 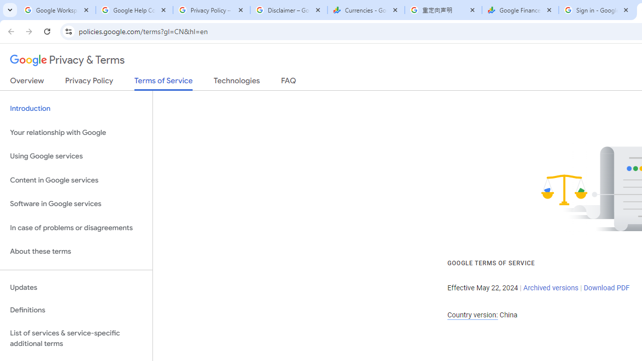 I want to click on 'Archived versions', so click(x=550, y=288).